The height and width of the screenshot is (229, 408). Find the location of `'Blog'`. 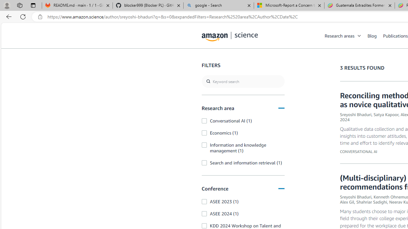

'Blog' is located at coordinates (372, 35).